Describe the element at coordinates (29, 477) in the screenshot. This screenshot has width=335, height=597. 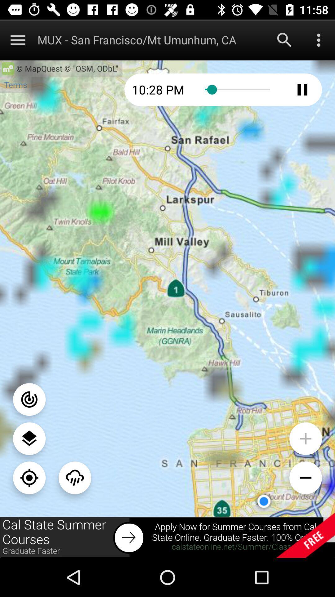
I see `the location_crosshair icon` at that location.